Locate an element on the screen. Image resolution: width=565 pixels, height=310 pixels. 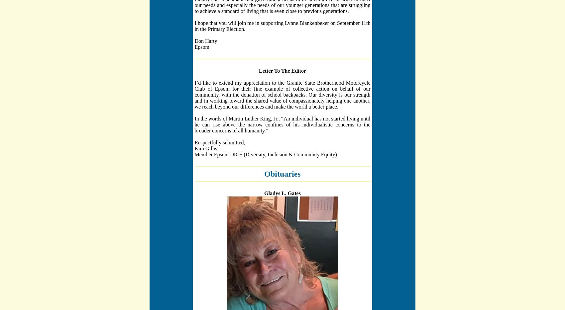
'Gladys L. Gates' is located at coordinates (282, 193).